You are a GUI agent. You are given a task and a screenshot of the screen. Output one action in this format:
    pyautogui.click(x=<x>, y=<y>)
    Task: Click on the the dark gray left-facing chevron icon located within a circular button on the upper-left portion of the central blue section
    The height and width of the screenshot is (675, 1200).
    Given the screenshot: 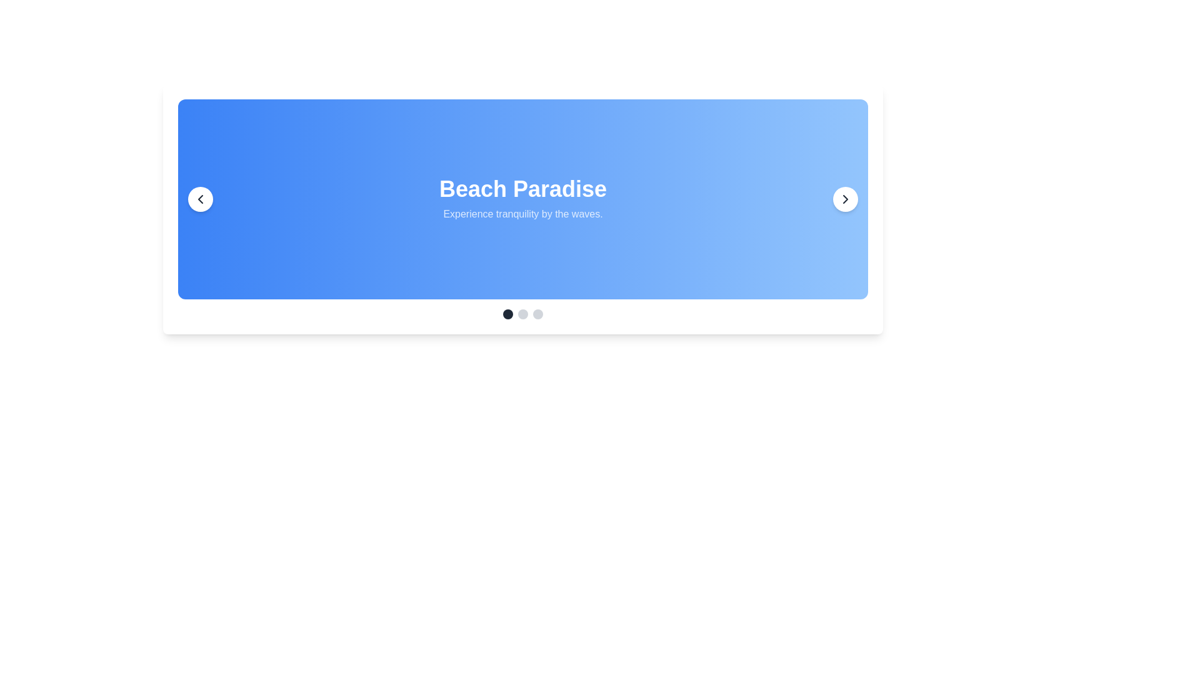 What is the action you would take?
    pyautogui.click(x=201, y=199)
    